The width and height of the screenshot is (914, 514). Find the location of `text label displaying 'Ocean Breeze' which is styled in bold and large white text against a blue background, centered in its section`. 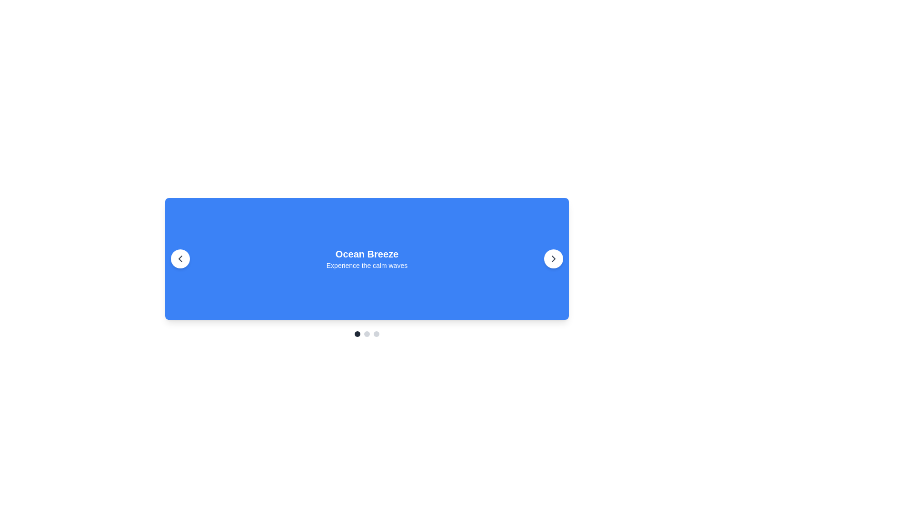

text label displaying 'Ocean Breeze' which is styled in bold and large white text against a blue background, centered in its section is located at coordinates (367, 253).